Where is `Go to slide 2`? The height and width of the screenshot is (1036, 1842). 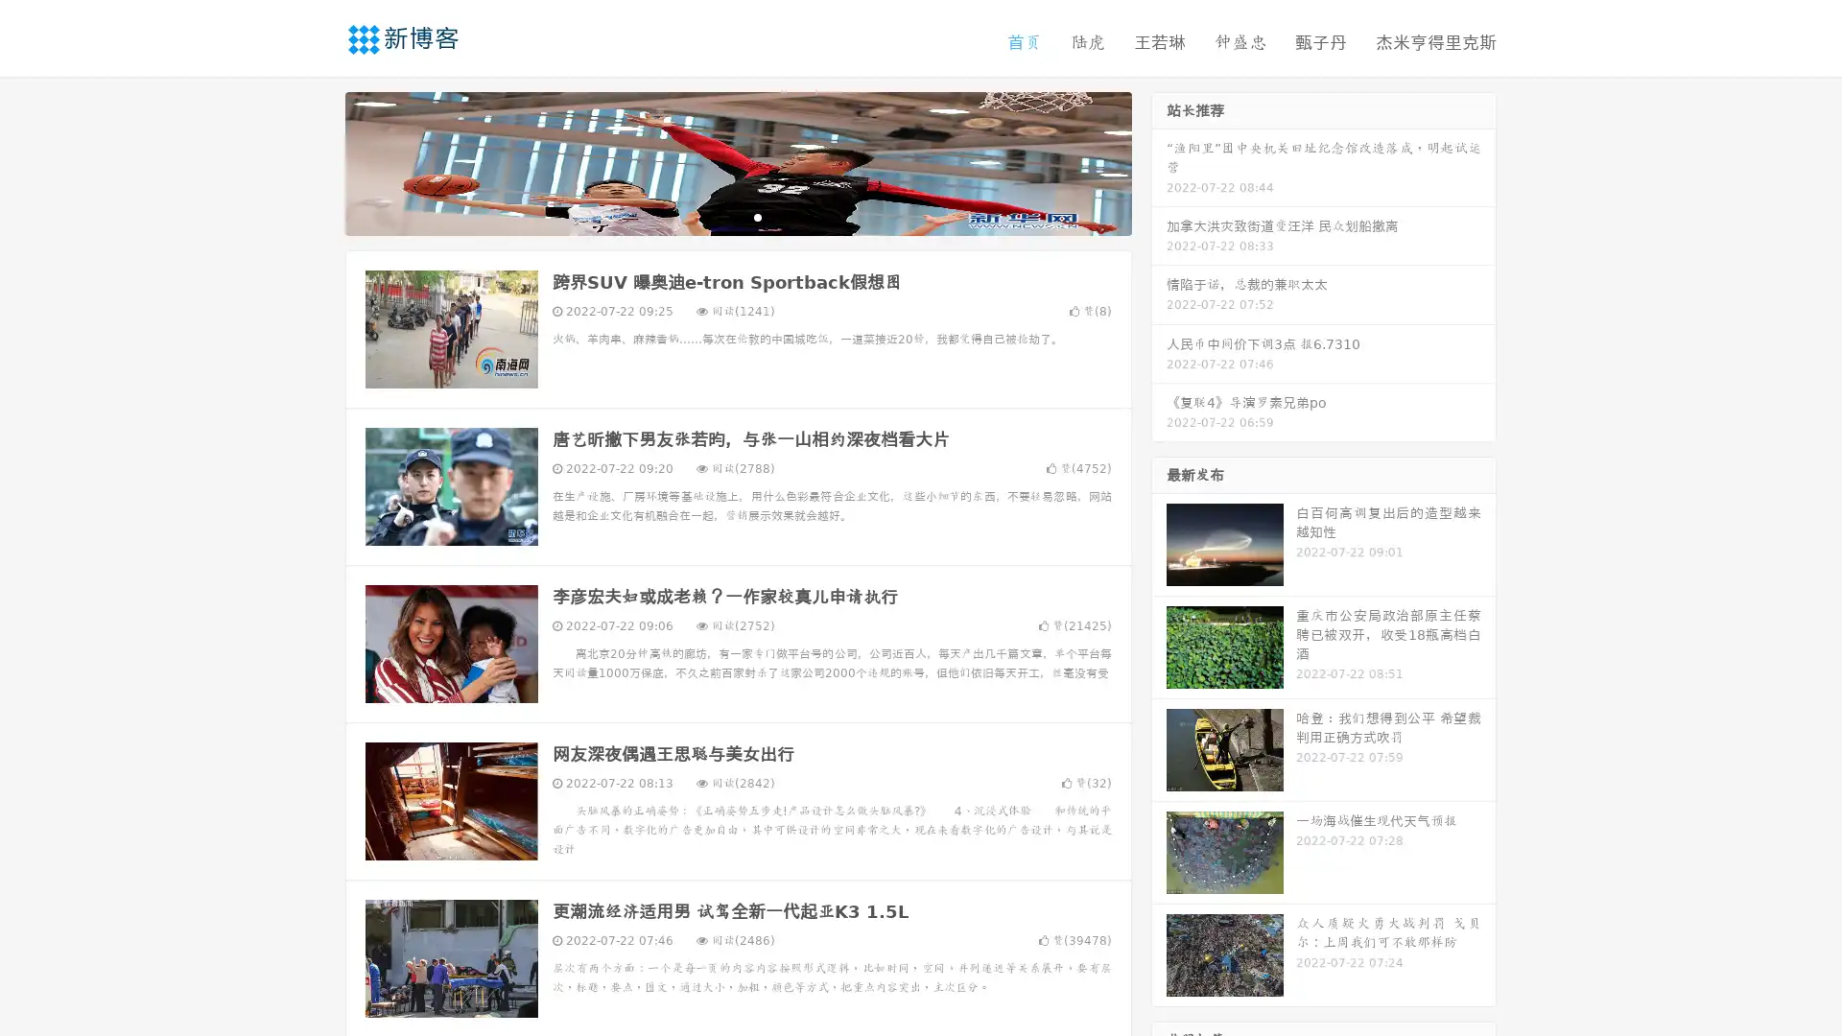
Go to slide 2 is located at coordinates (737, 216).